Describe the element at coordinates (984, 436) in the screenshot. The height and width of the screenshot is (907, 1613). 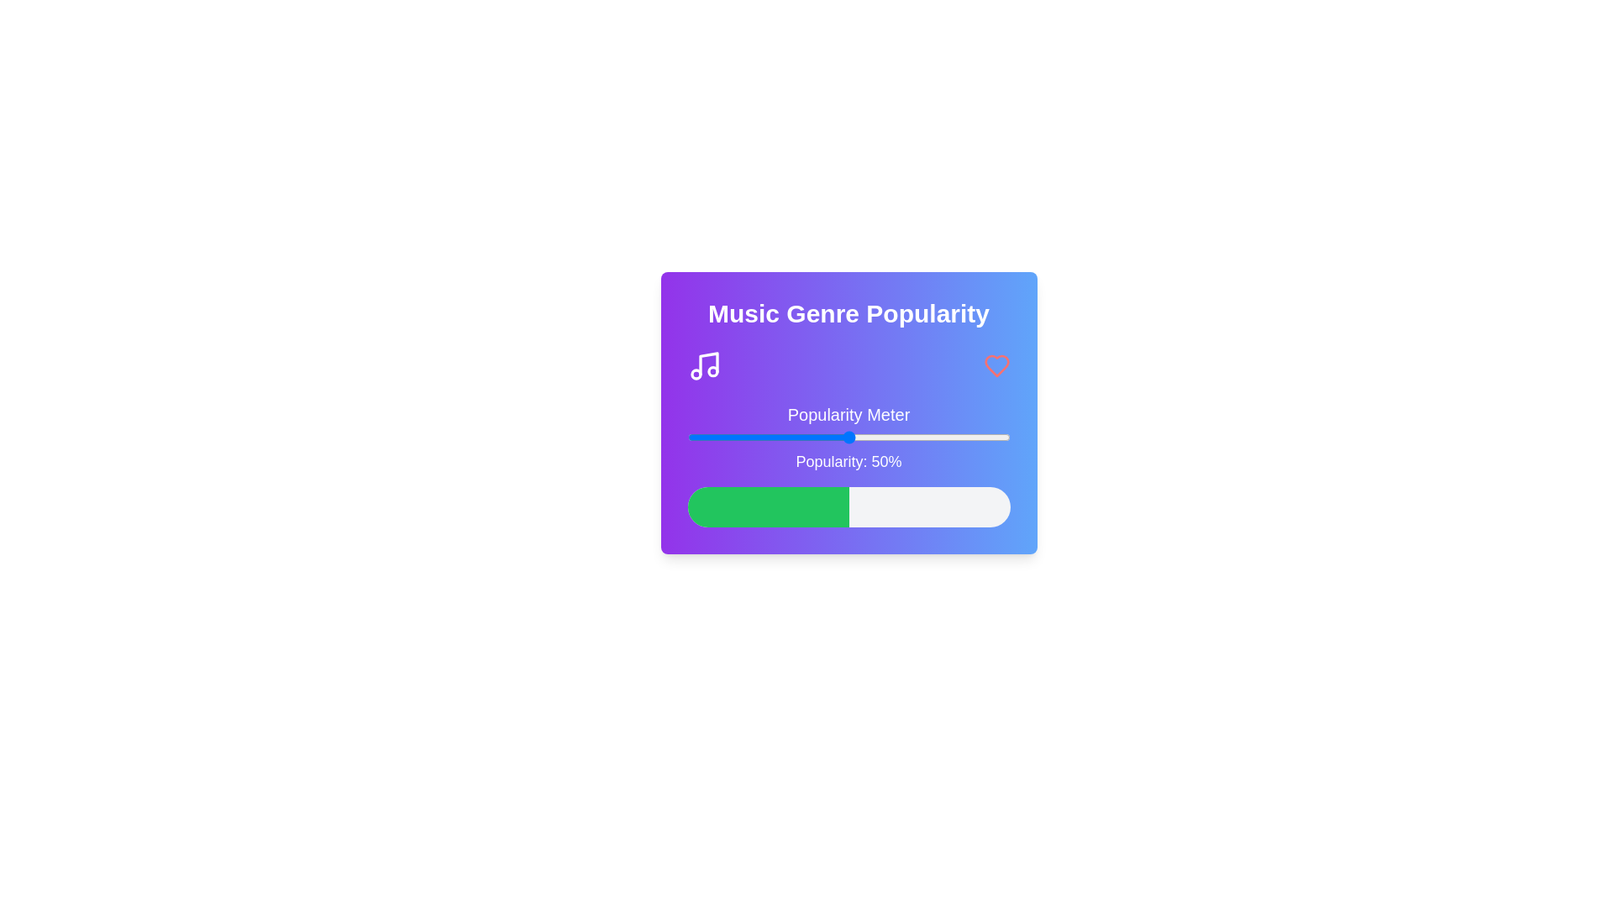
I see `the popularity slider to 92%` at that location.